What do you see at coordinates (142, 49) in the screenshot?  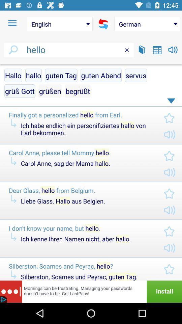 I see `the book icon` at bounding box center [142, 49].